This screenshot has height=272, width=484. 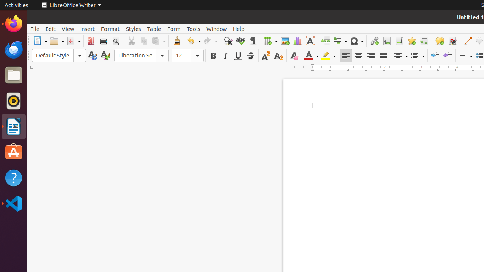 I want to click on 'Image', so click(x=284, y=41).